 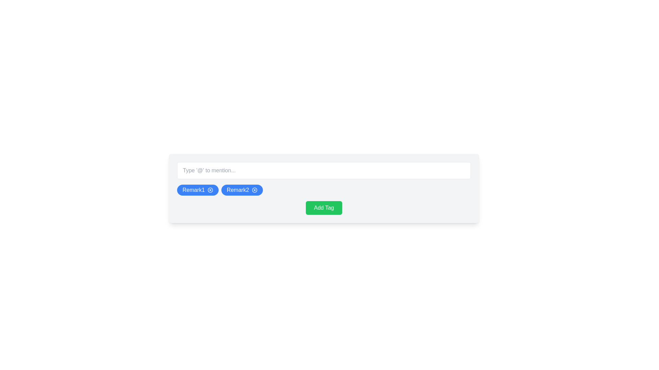 I want to click on the blue circular icon button with an 'X' symbol located to the right of the 'Remark1' text within a badge, so click(x=210, y=190).